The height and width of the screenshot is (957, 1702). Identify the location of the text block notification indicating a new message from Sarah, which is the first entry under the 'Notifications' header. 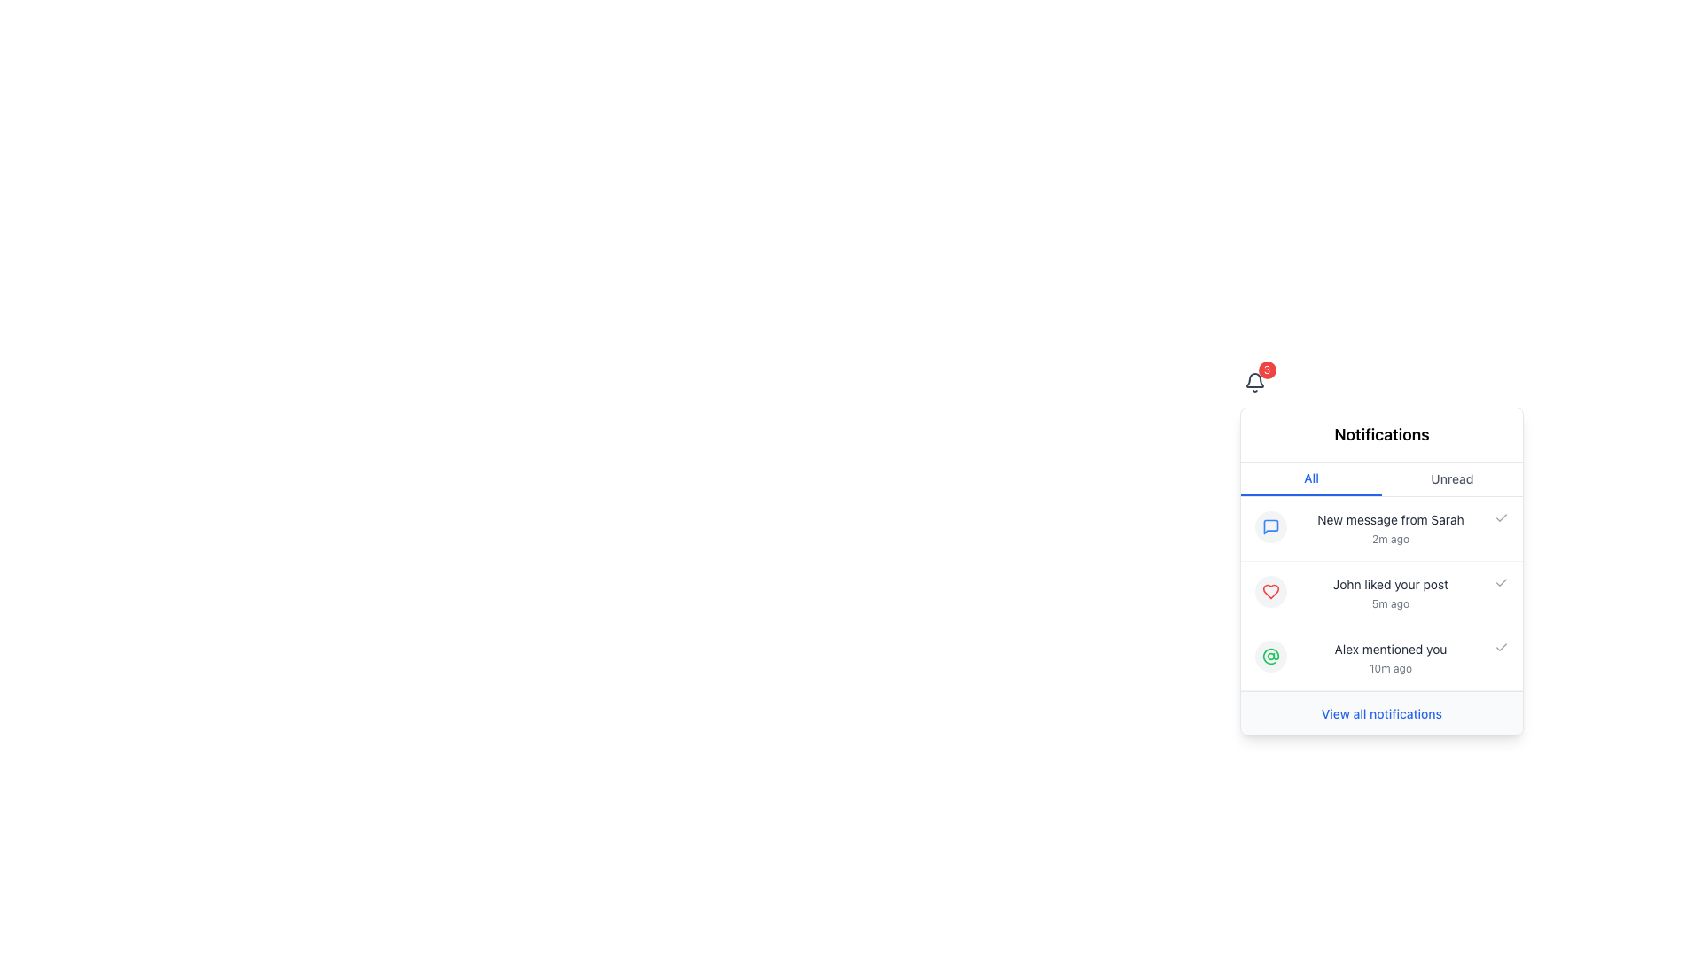
(1390, 528).